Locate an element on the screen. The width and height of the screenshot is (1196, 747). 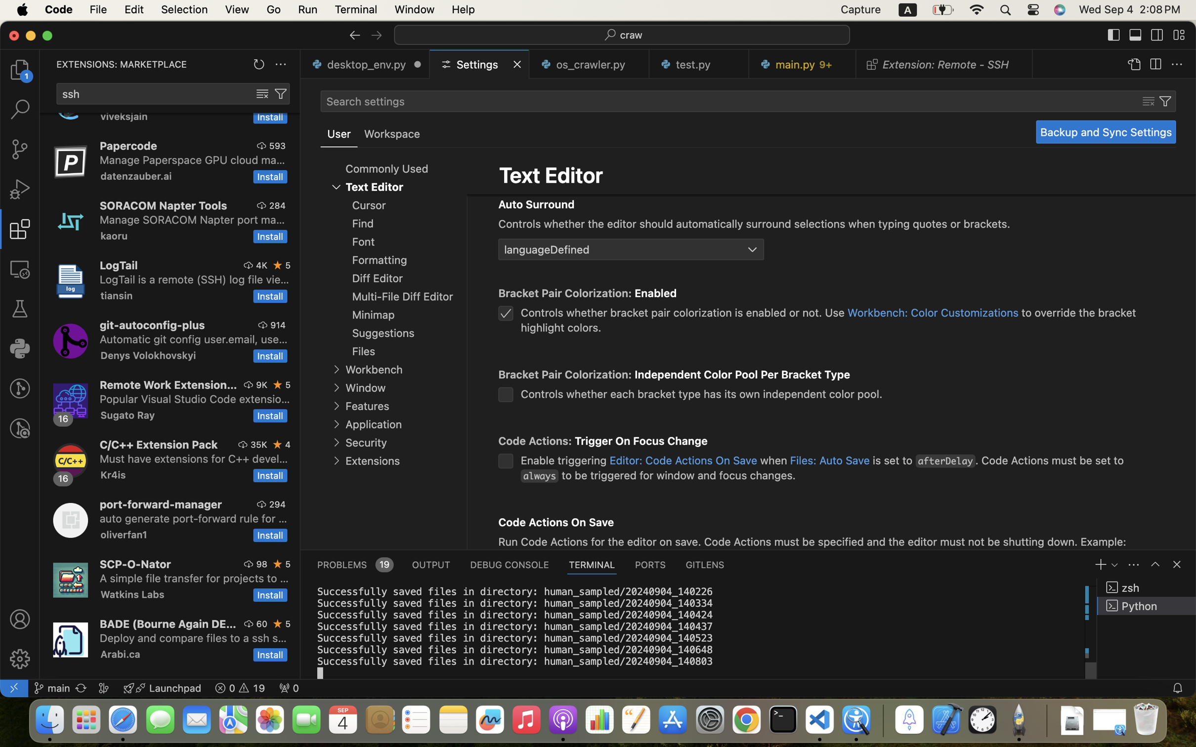
'Remote Work Extension Pack' is located at coordinates (168, 385).